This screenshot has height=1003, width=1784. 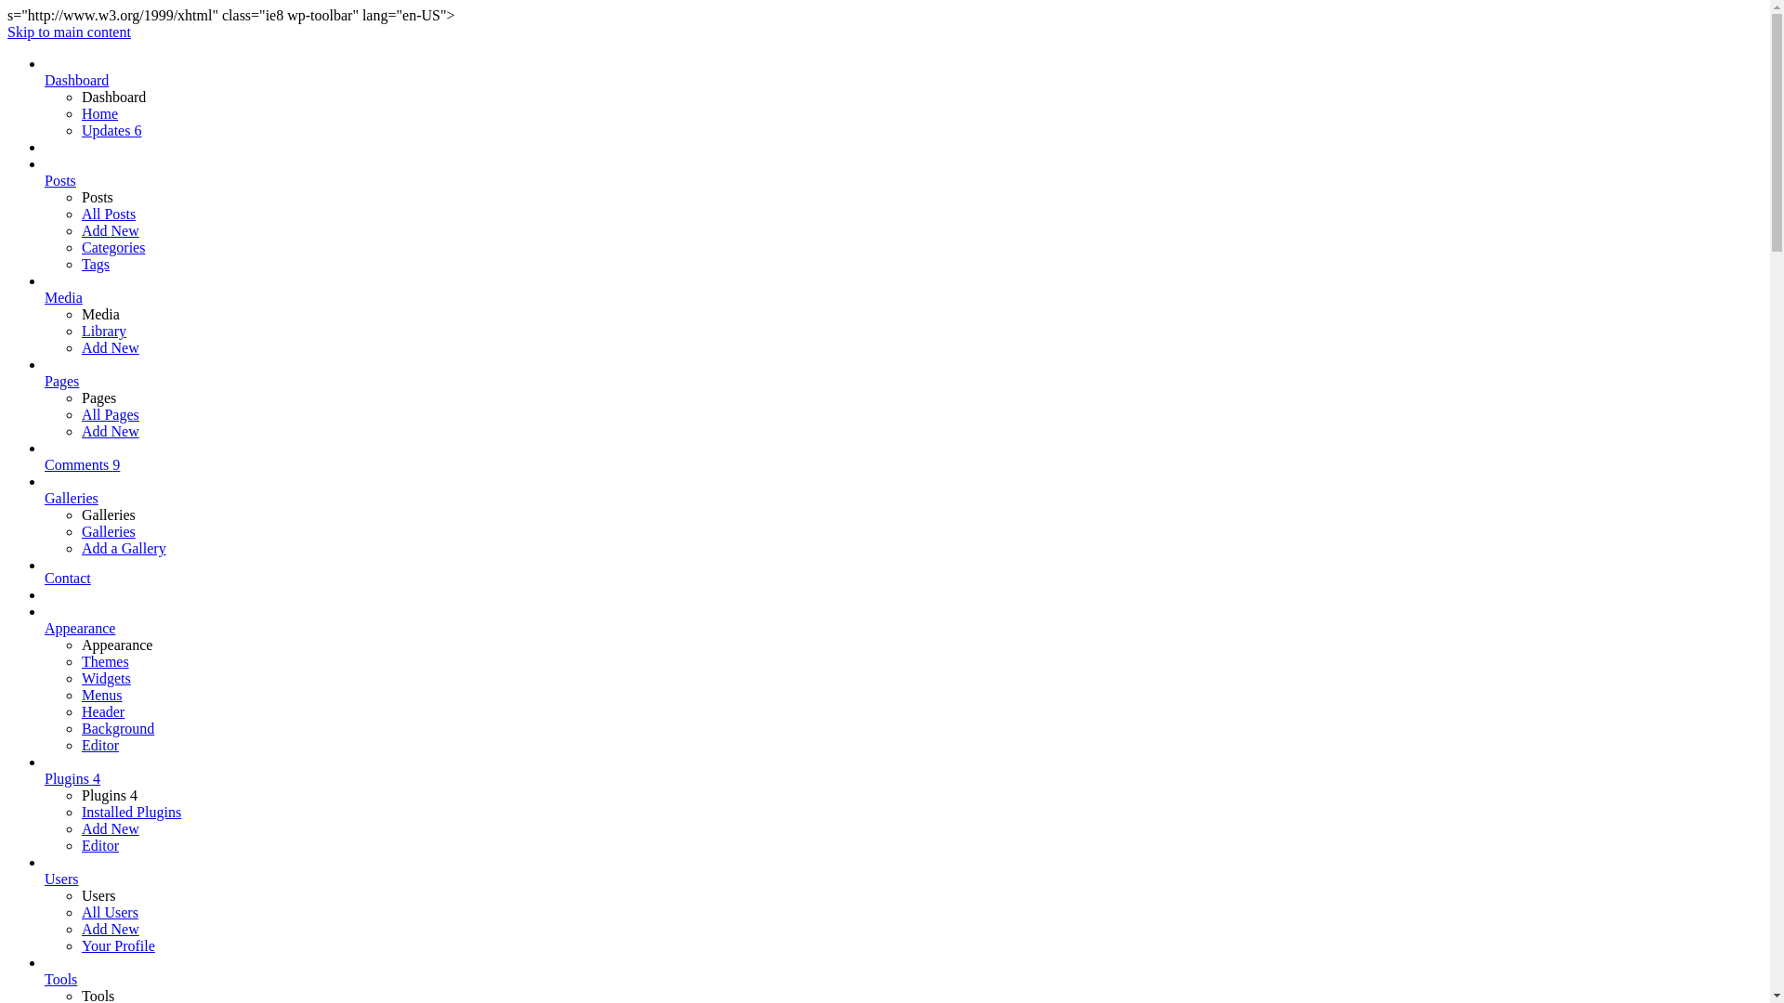 I want to click on 'Galleries', so click(x=107, y=531).